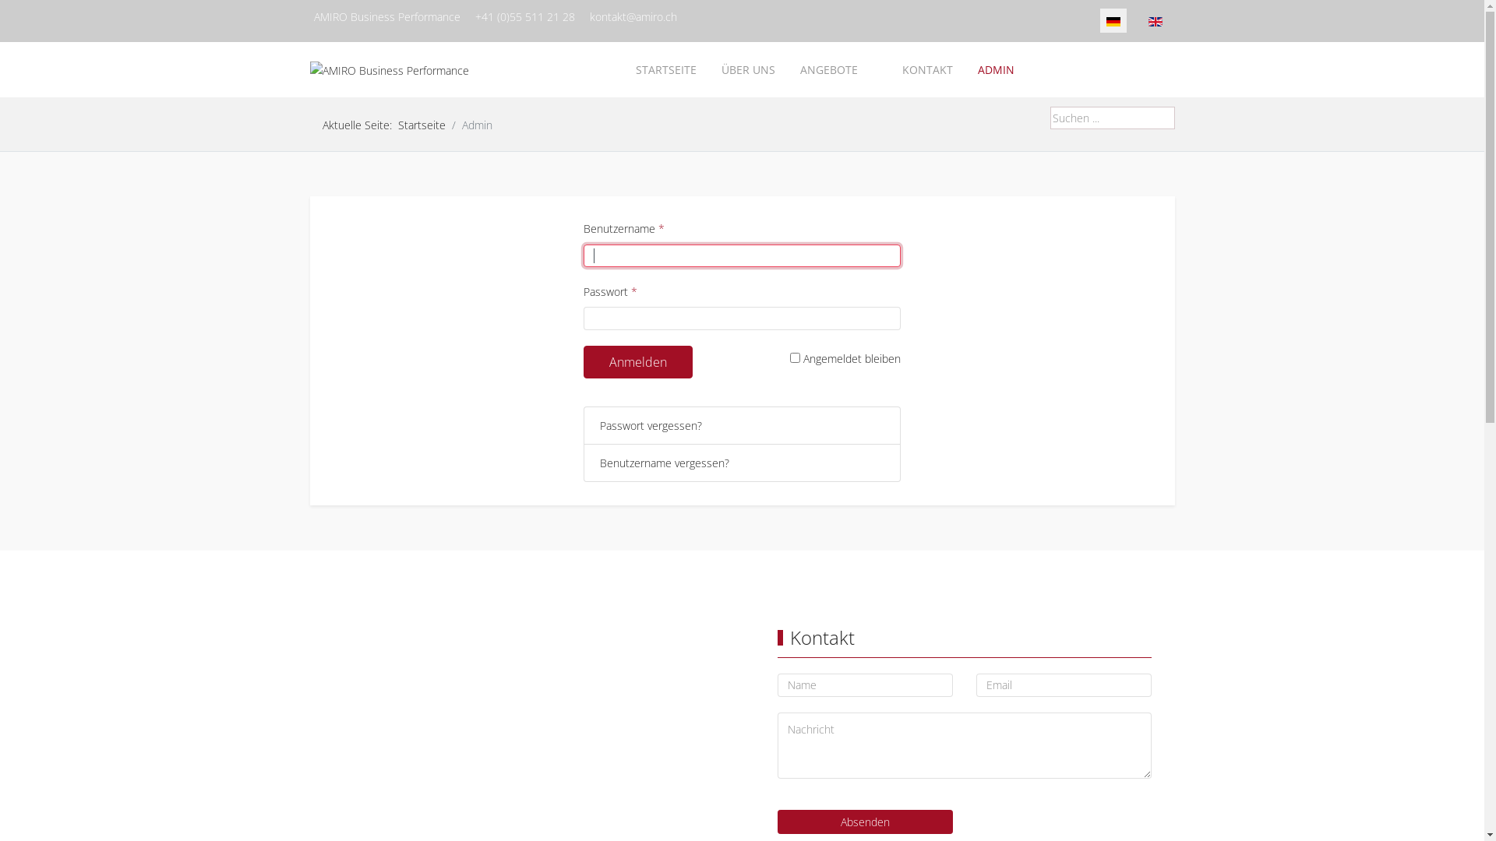 The image size is (1496, 841). I want to click on '+41 (0)55 511 21 28', so click(474, 16).